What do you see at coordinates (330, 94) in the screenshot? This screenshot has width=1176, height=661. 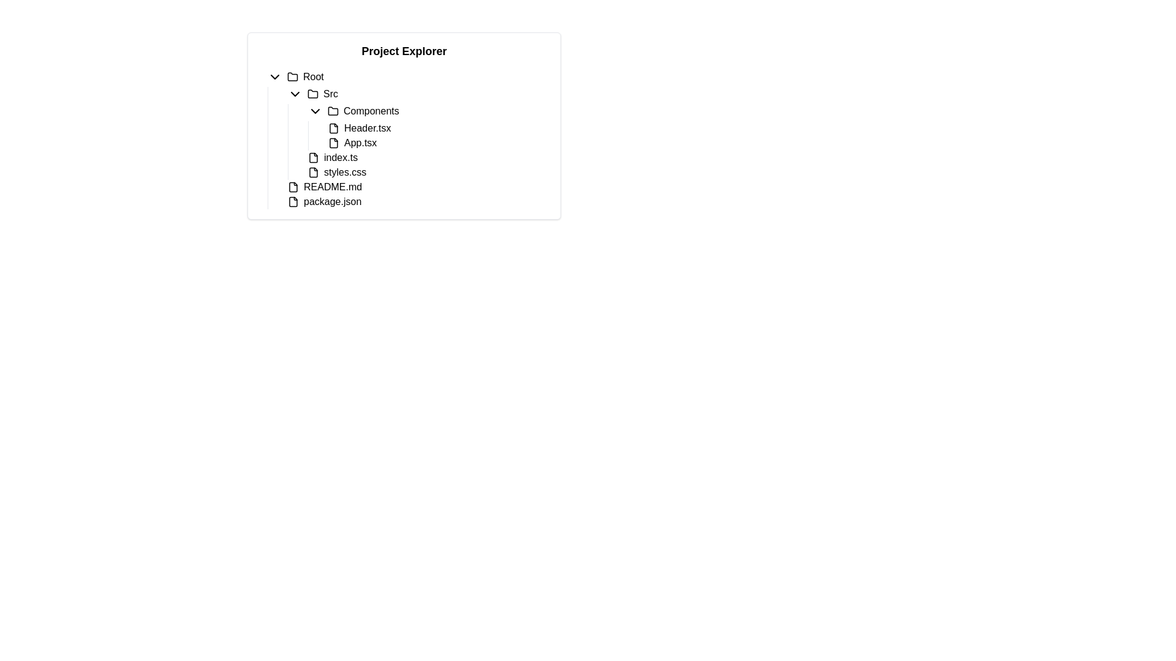 I see `the 'Src' text label in the Project Explorer section` at bounding box center [330, 94].